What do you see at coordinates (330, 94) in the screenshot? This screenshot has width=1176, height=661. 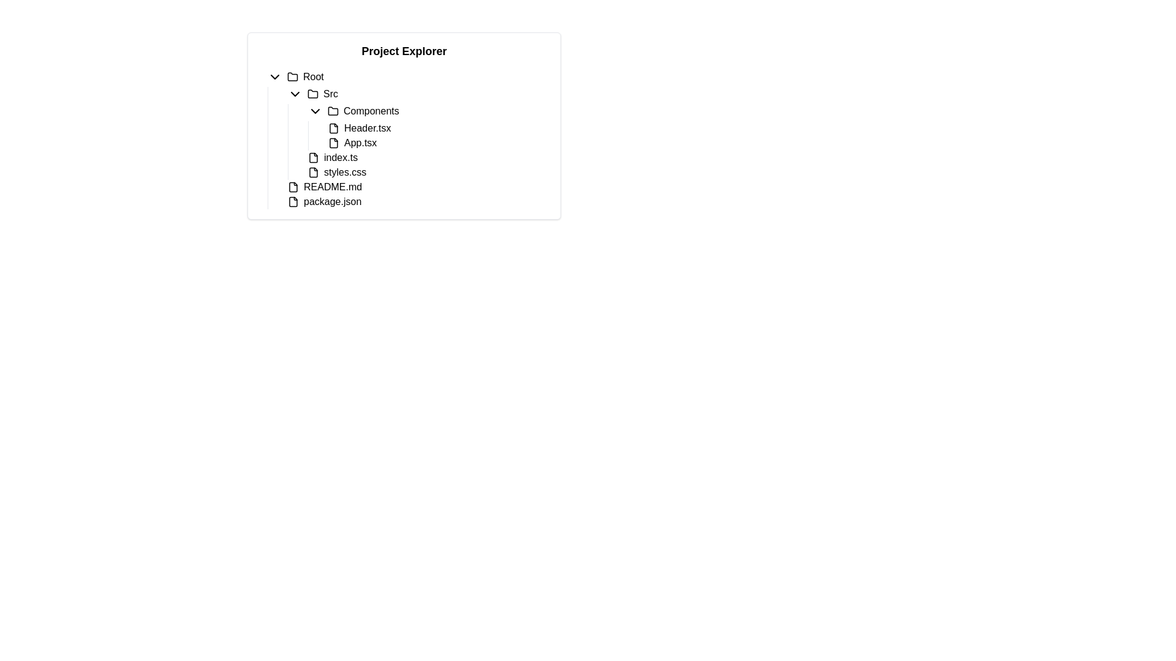 I see `the 'Src' text label in the Project Explorer section` at bounding box center [330, 94].